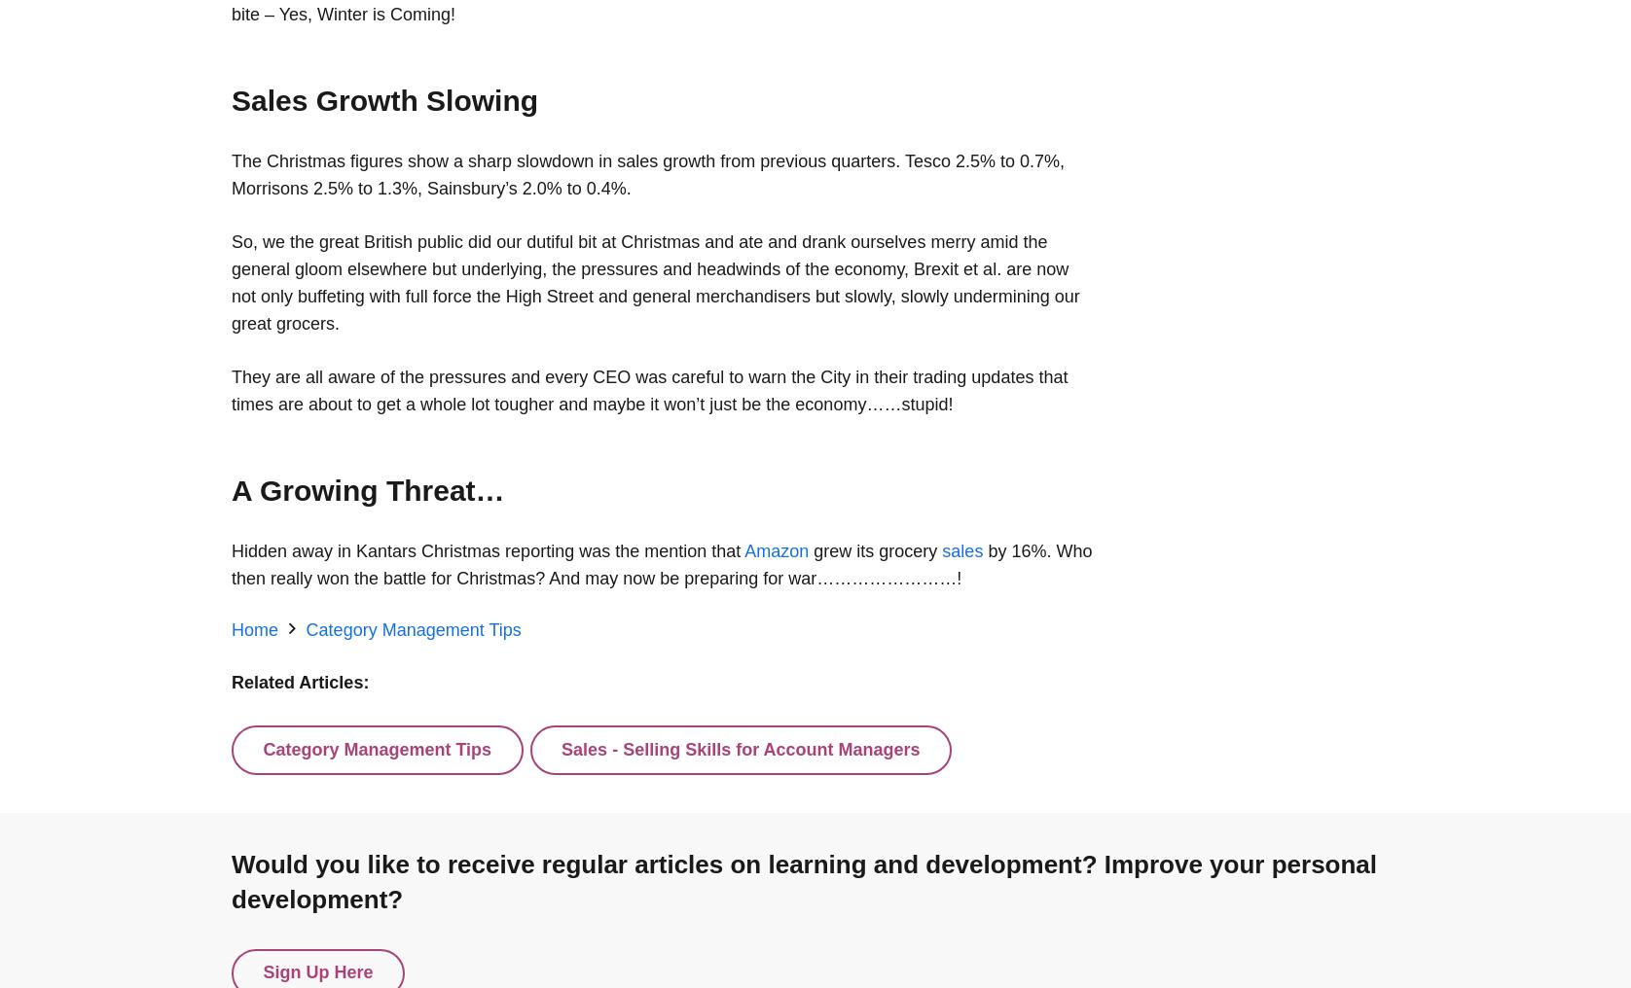 The image size is (1631, 988). What do you see at coordinates (648, 389) in the screenshot?
I see `'They are all aware of the pressures and every CEO was careful to warn the City in their trading updates that times are about to get a whole lot tougher and maybe it won’t just be the economy……stupid!'` at bounding box center [648, 389].